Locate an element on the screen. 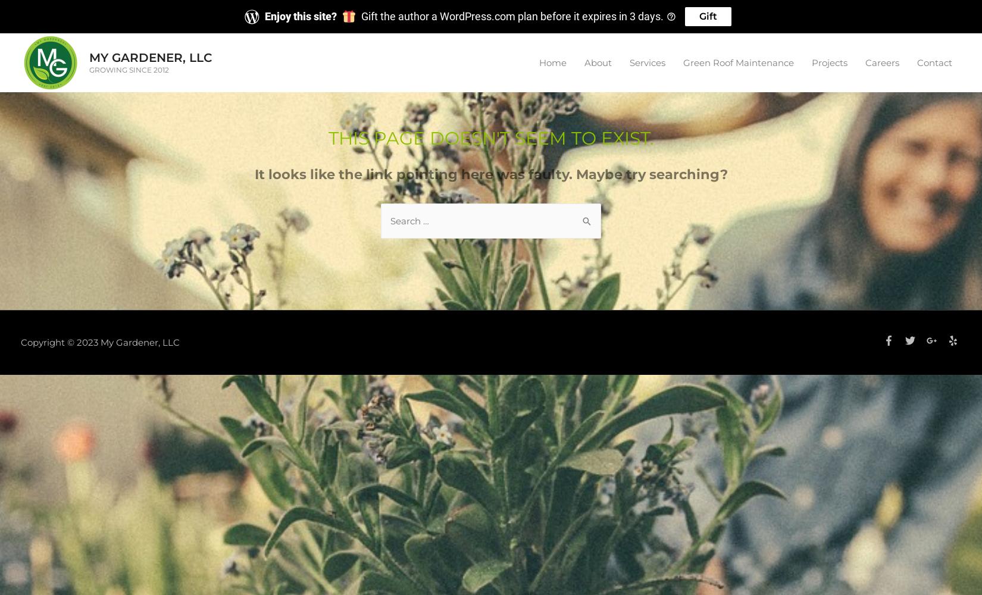 Image resolution: width=982 pixels, height=595 pixels. 'Services' is located at coordinates (648, 61).